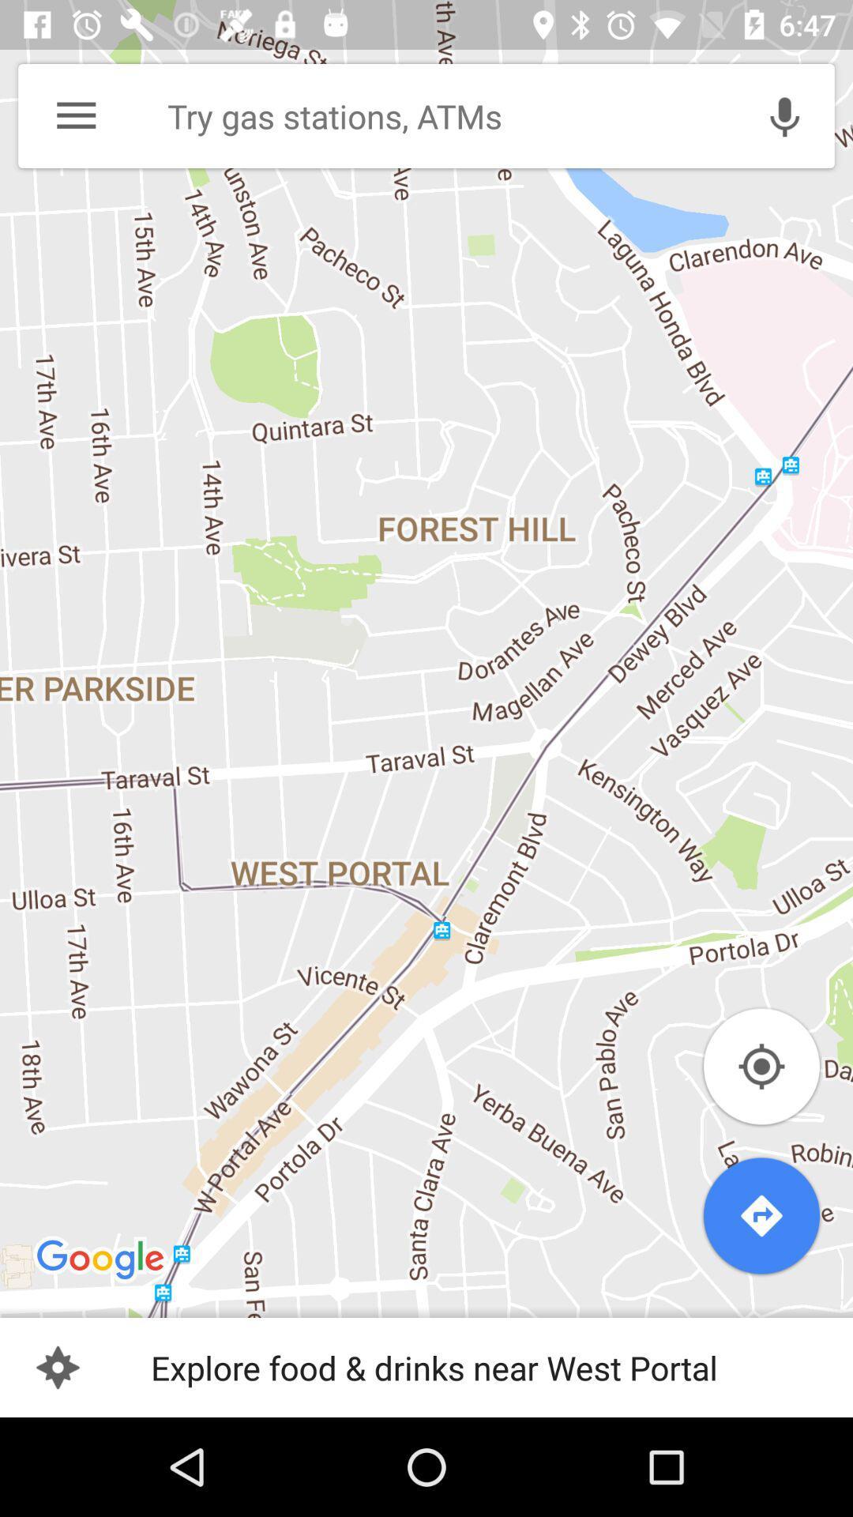 This screenshot has height=1517, width=853. Describe the element at coordinates (761, 1215) in the screenshot. I see `the direction icon` at that location.